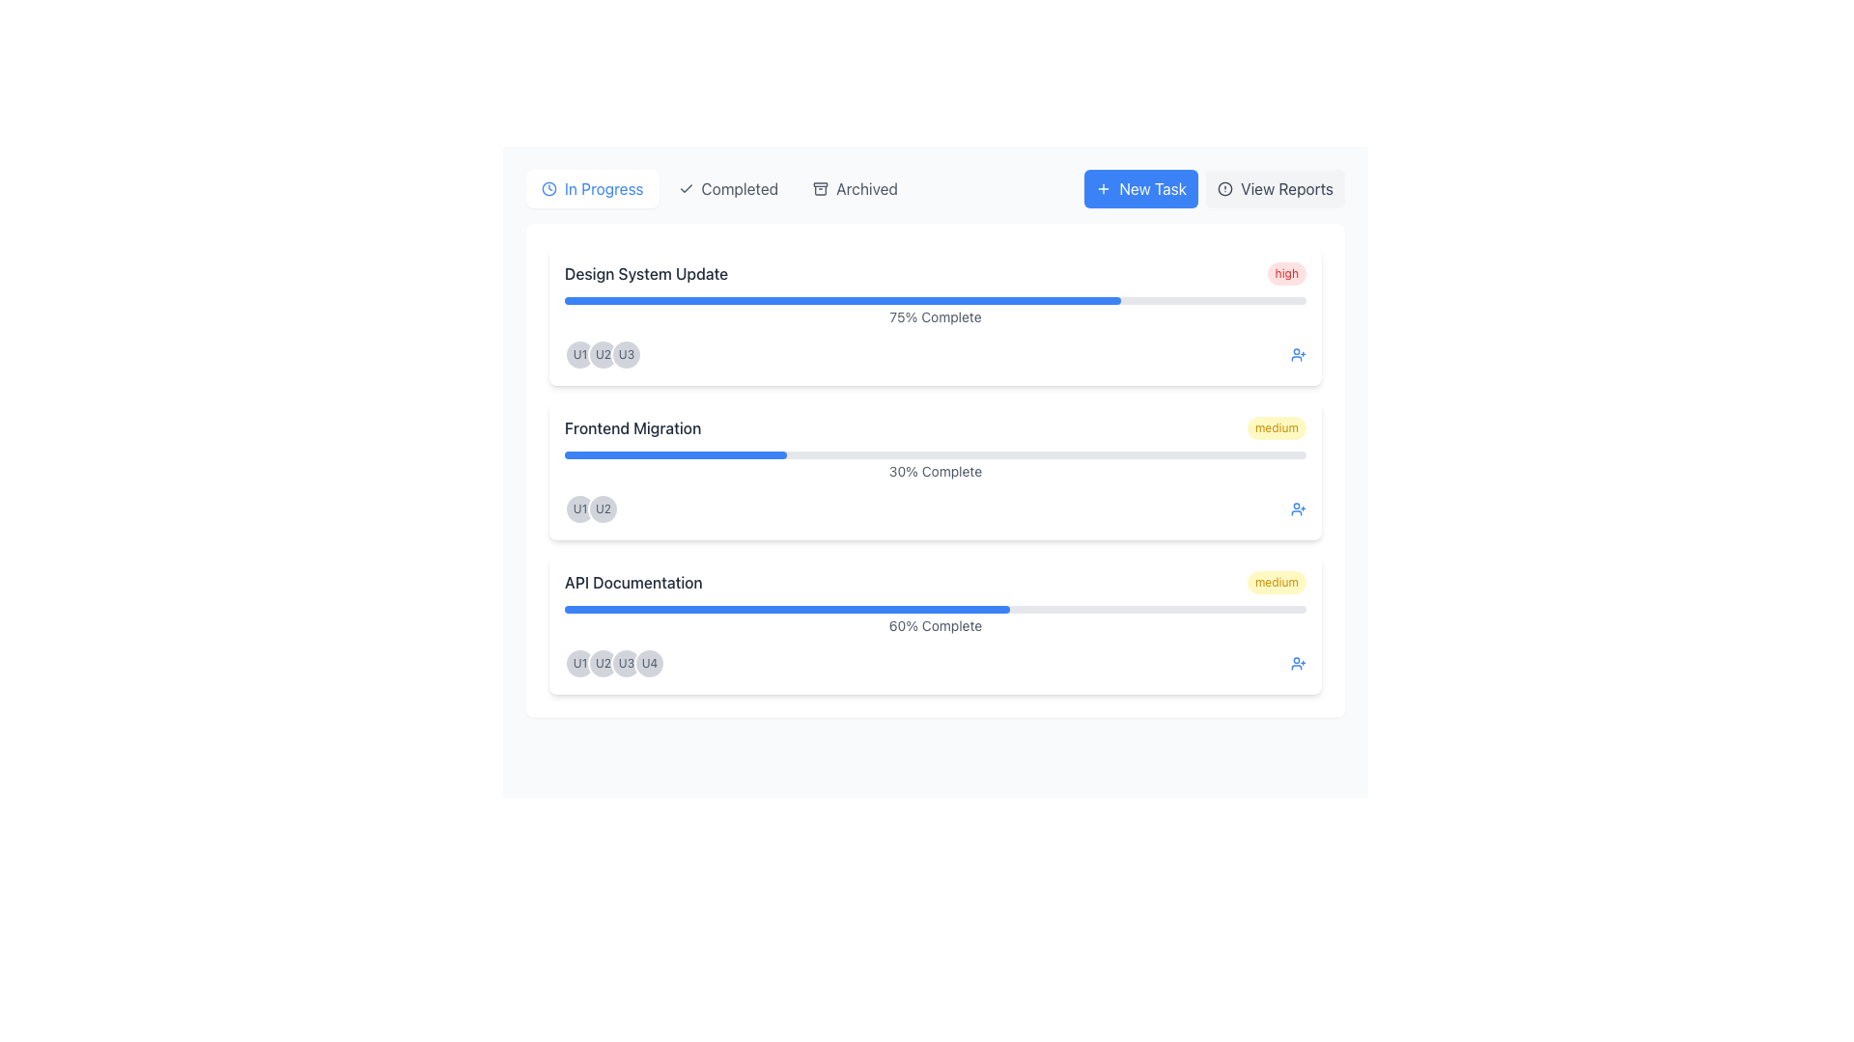  I want to click on the User profile badges consisting of two circular grey badges with text 'U1' and 'U2', located under the progress bar in the 'Frontend Migration' task section, so click(591, 508).